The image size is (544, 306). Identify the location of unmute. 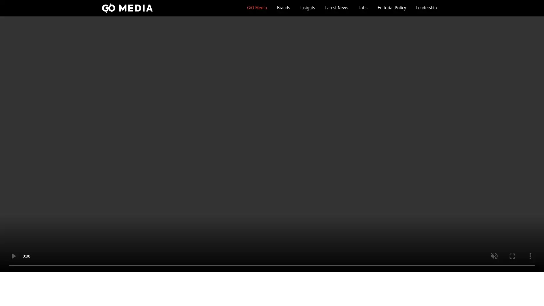
(494, 256).